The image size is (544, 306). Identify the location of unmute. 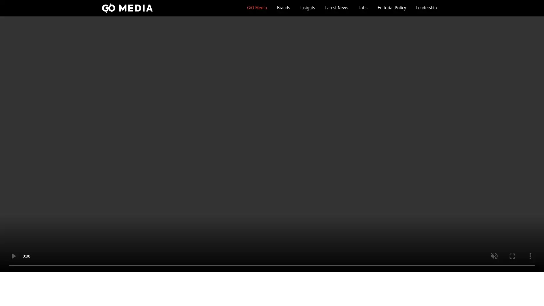
(494, 256).